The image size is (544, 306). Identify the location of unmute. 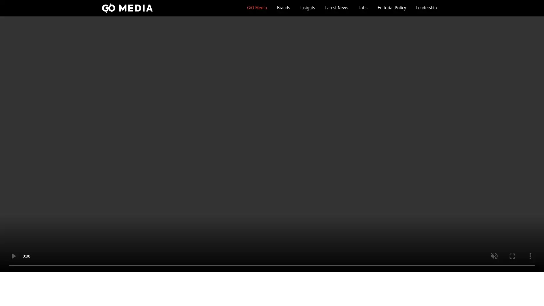
(494, 256).